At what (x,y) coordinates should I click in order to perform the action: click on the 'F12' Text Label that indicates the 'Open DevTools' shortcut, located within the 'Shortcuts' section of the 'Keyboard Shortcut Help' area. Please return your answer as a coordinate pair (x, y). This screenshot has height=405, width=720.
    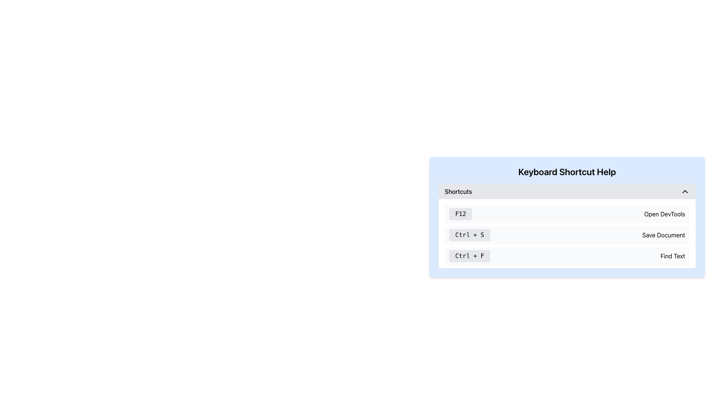
    Looking at the image, I should click on (460, 214).